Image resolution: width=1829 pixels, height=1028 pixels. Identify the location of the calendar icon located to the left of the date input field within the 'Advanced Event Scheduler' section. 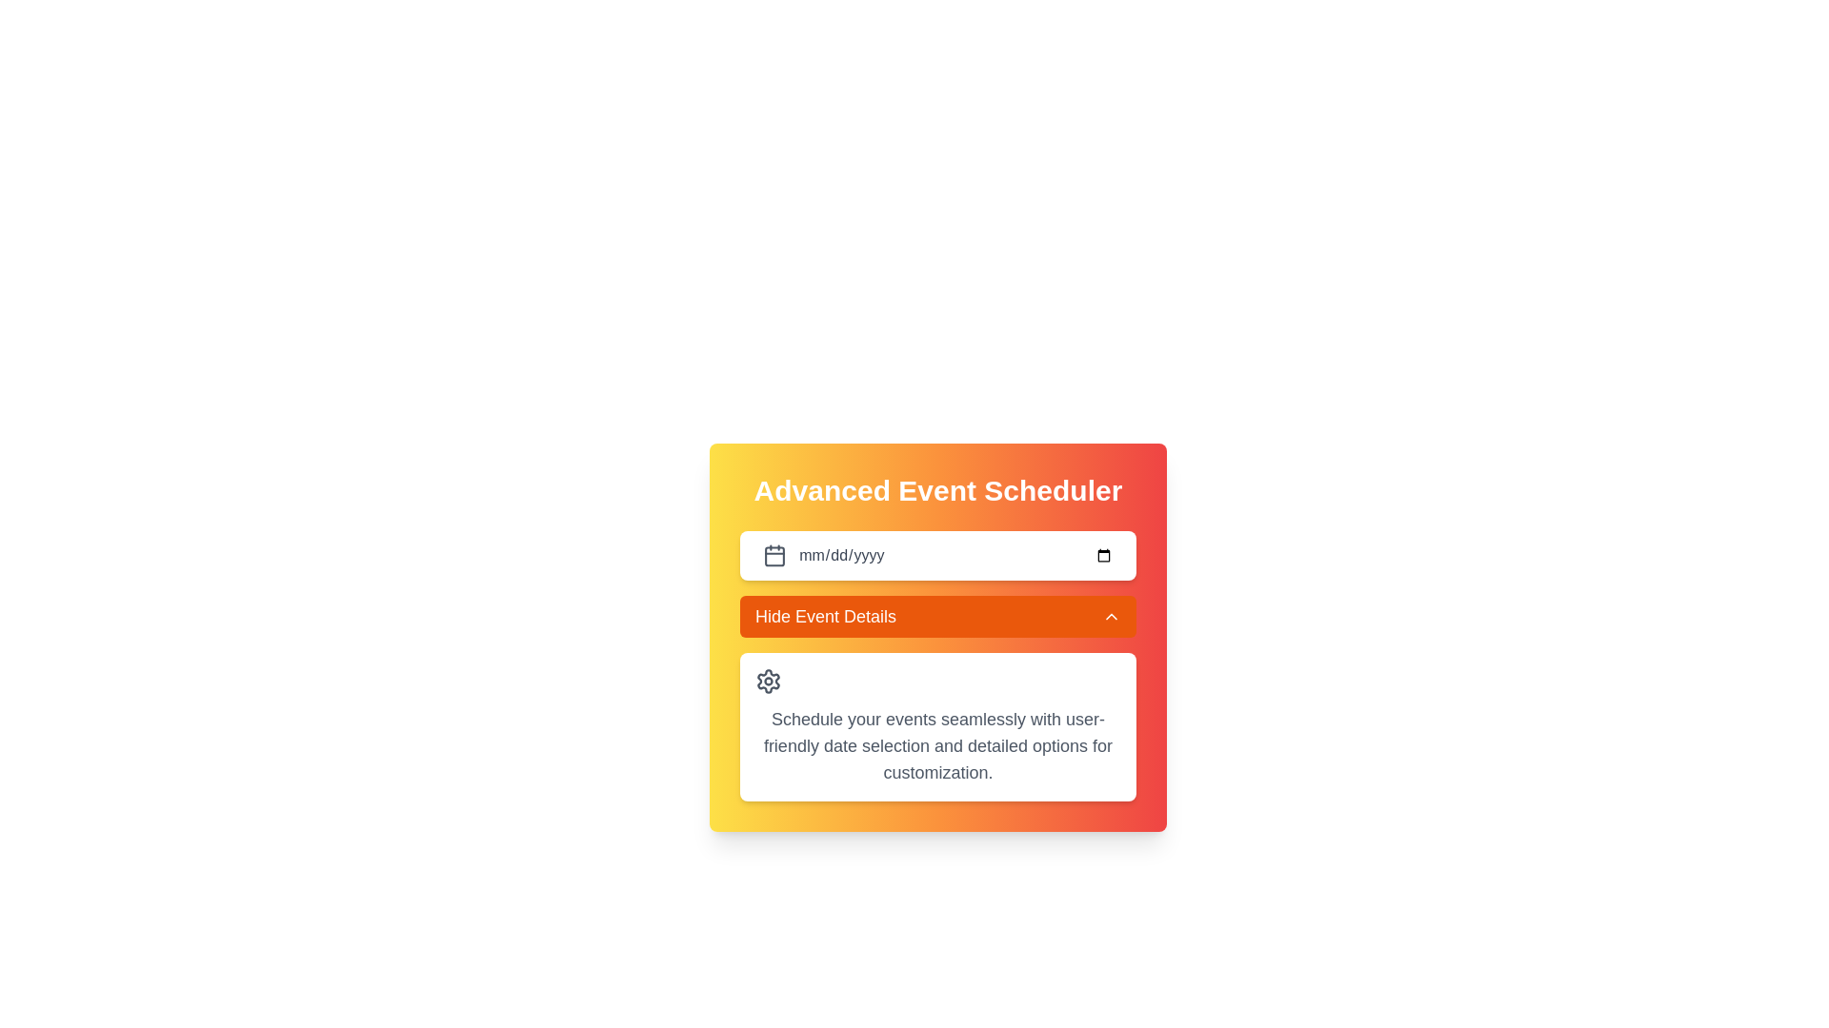
(774, 555).